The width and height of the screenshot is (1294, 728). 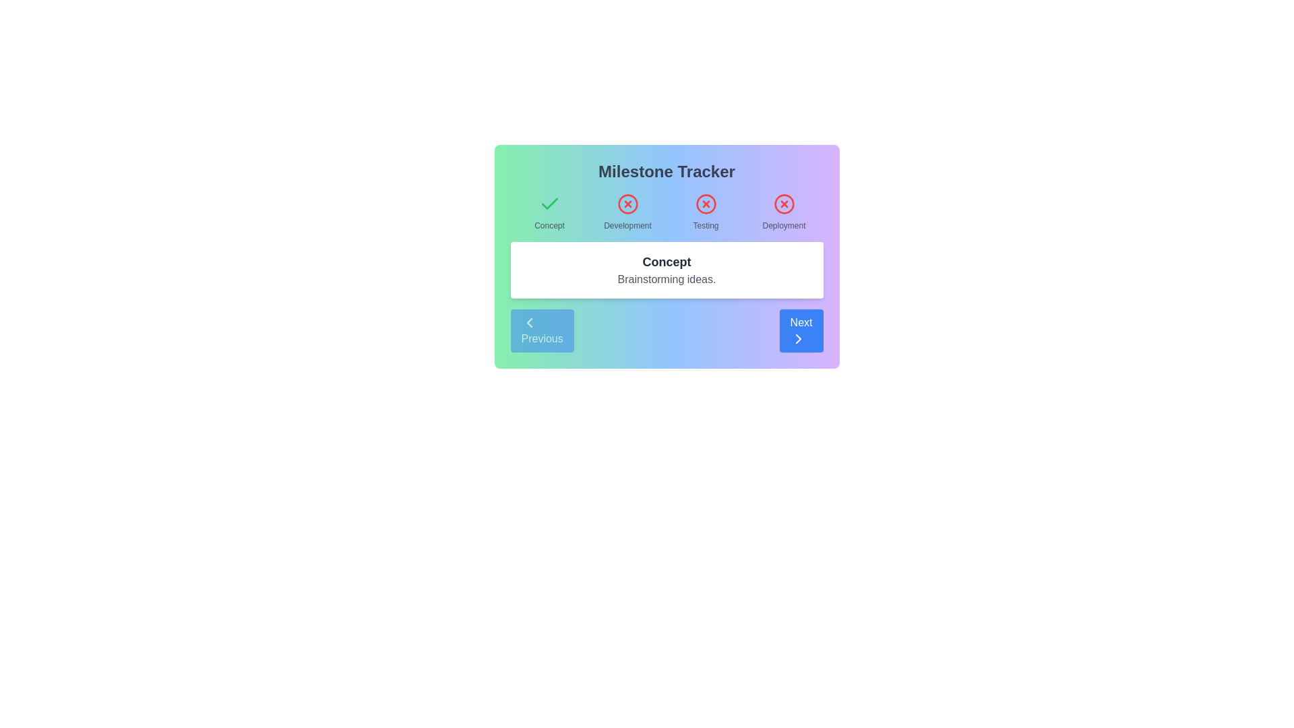 What do you see at coordinates (549, 225) in the screenshot?
I see `text content of the label stating 'Concept', which is positioned below a green checkmark icon in the milestone tracker interface` at bounding box center [549, 225].